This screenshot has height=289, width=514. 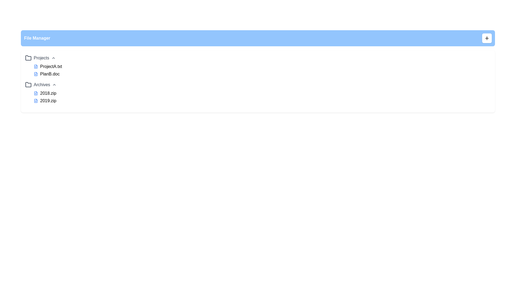 I want to click on the blue file-shaped icon that represents a document, located to the left of the 'ProjectA.txt' text in the 'Projects' section of the file manager, so click(x=36, y=66).